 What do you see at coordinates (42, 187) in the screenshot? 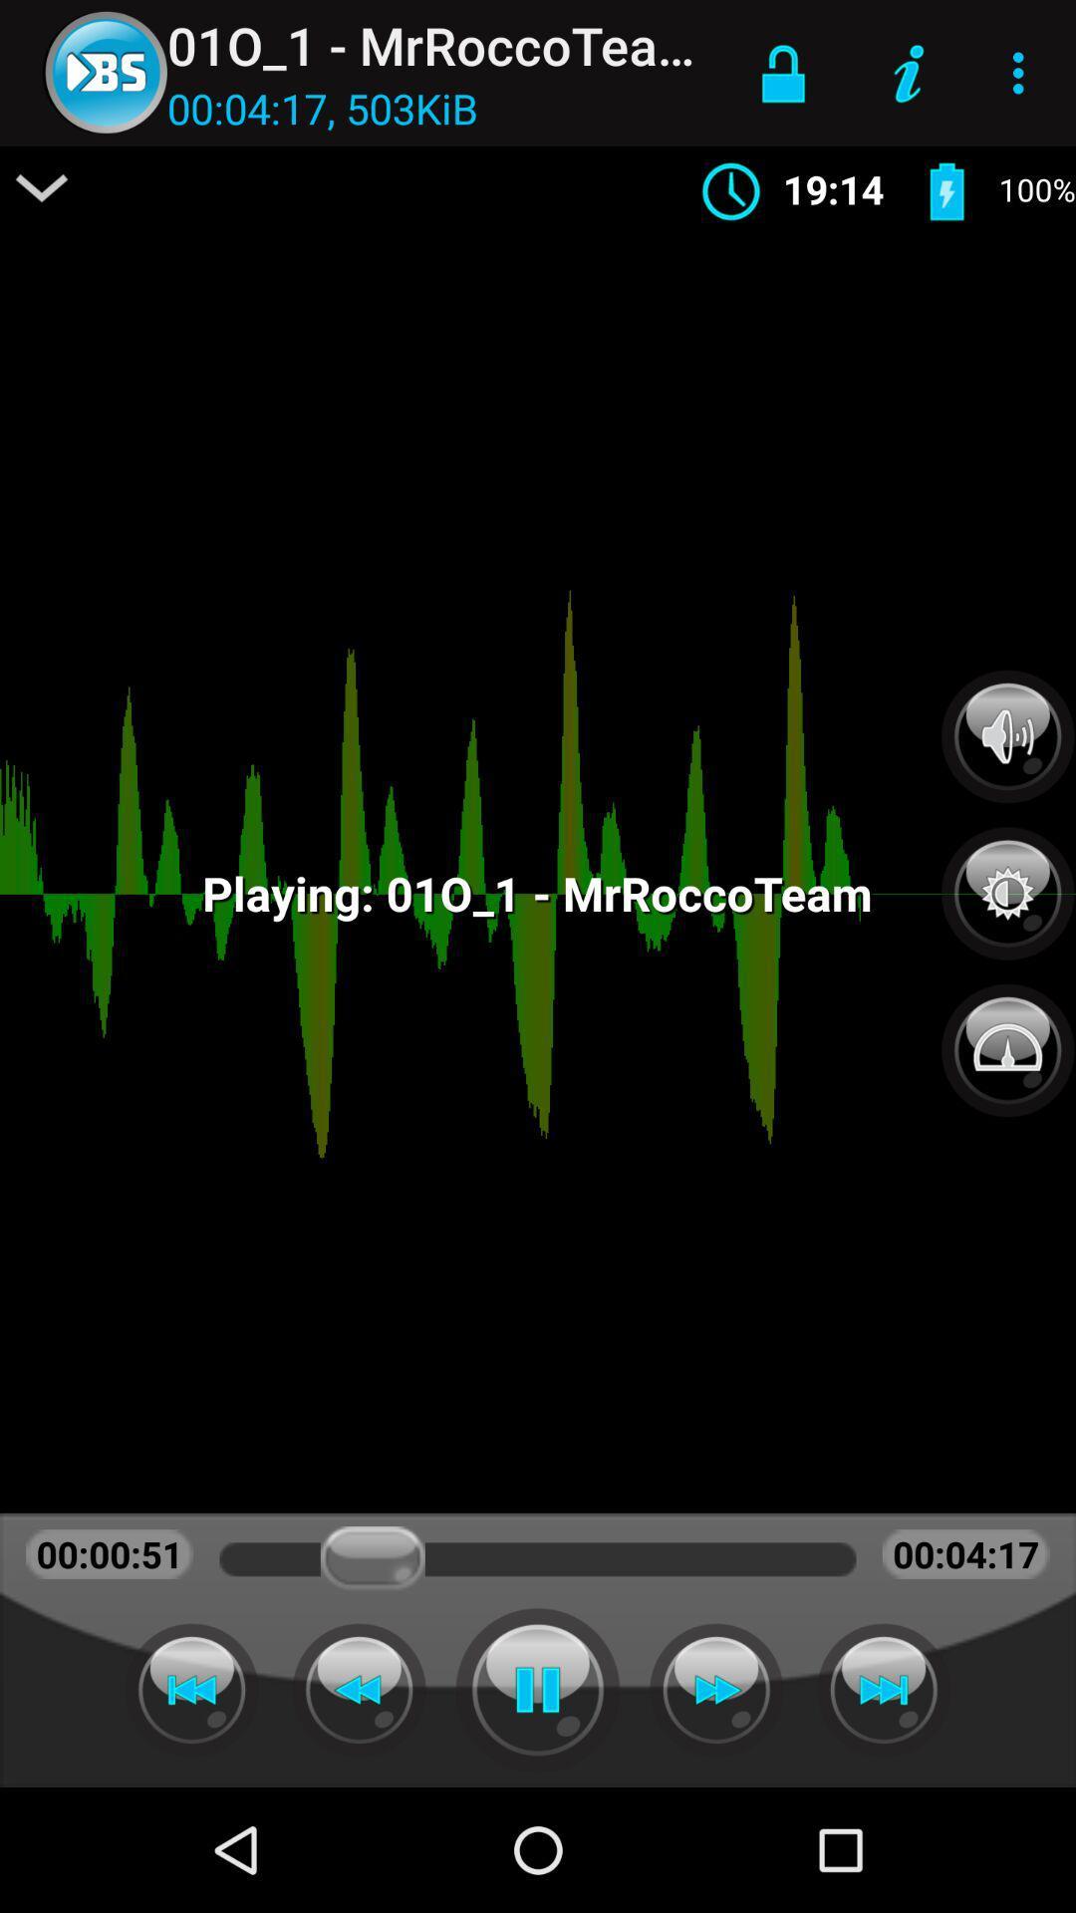
I see `the app next to the 00 04 17` at bounding box center [42, 187].